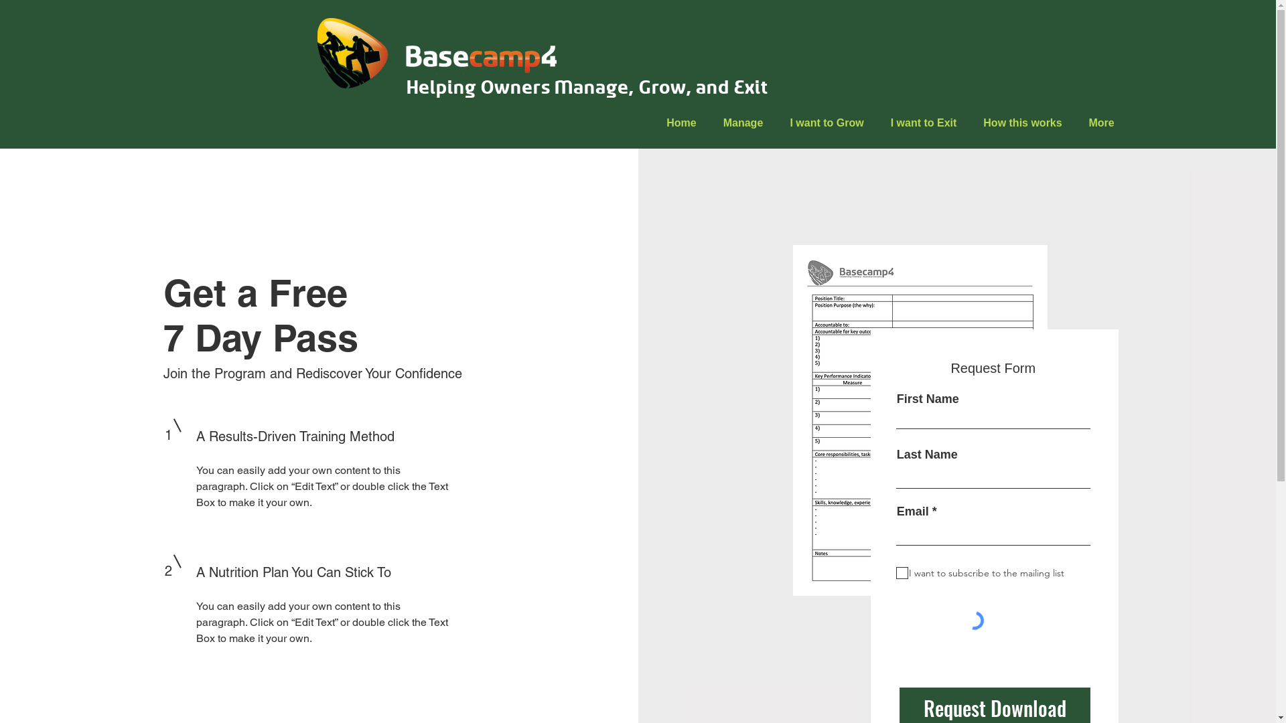 The image size is (1286, 723). What do you see at coordinates (777, 123) in the screenshot?
I see `'I want to Grow'` at bounding box center [777, 123].